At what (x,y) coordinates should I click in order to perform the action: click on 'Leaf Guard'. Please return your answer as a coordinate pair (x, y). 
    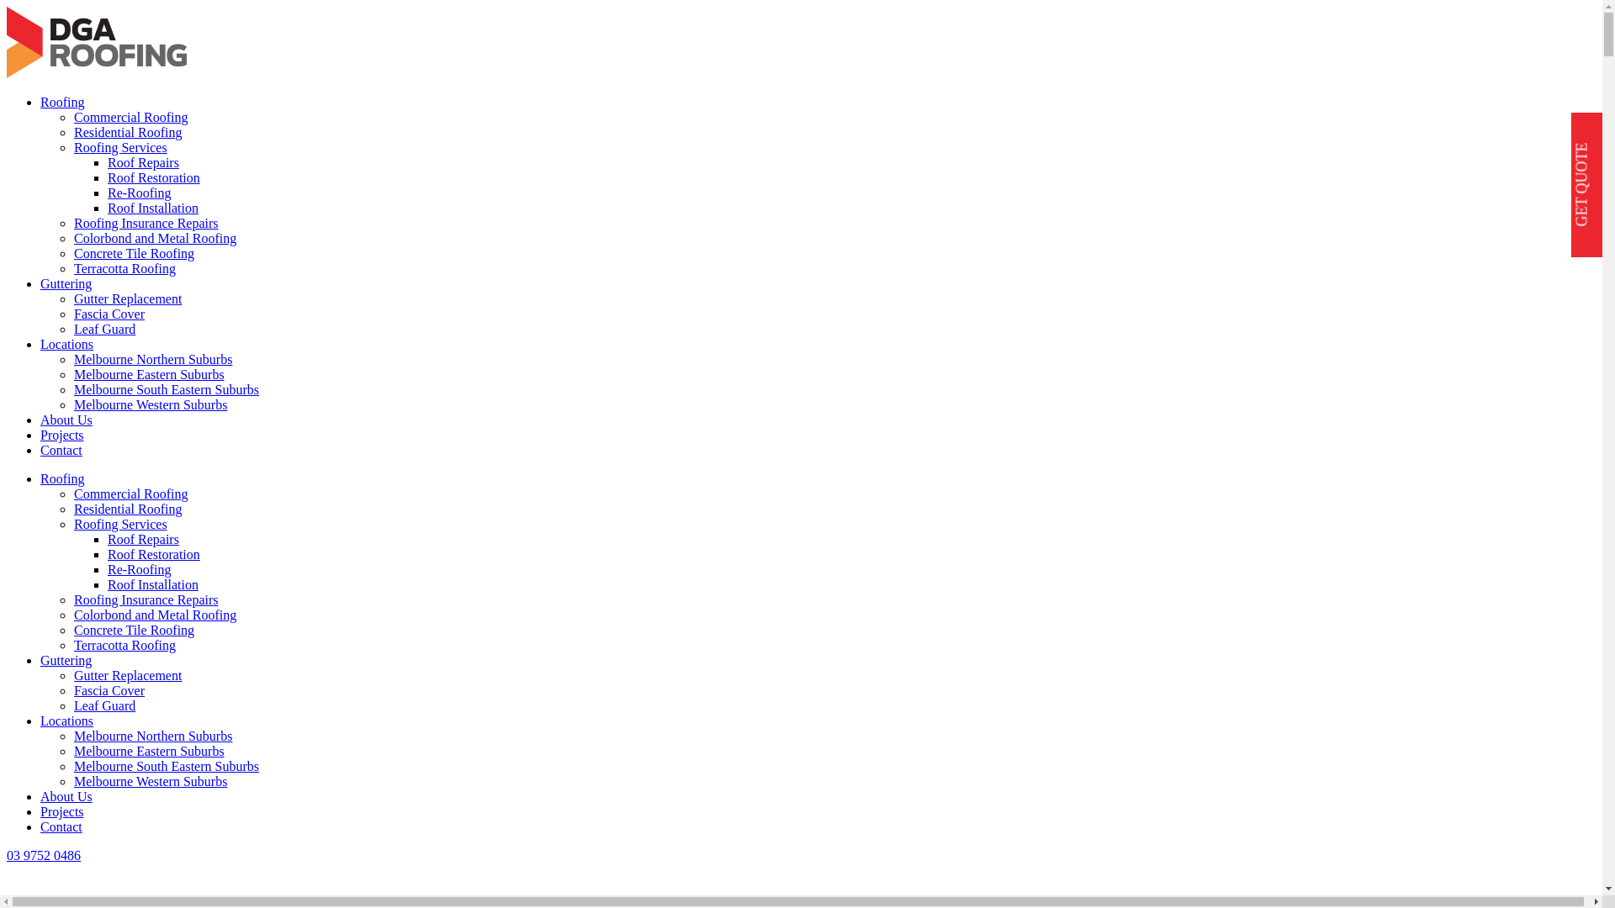
    Looking at the image, I should click on (72, 705).